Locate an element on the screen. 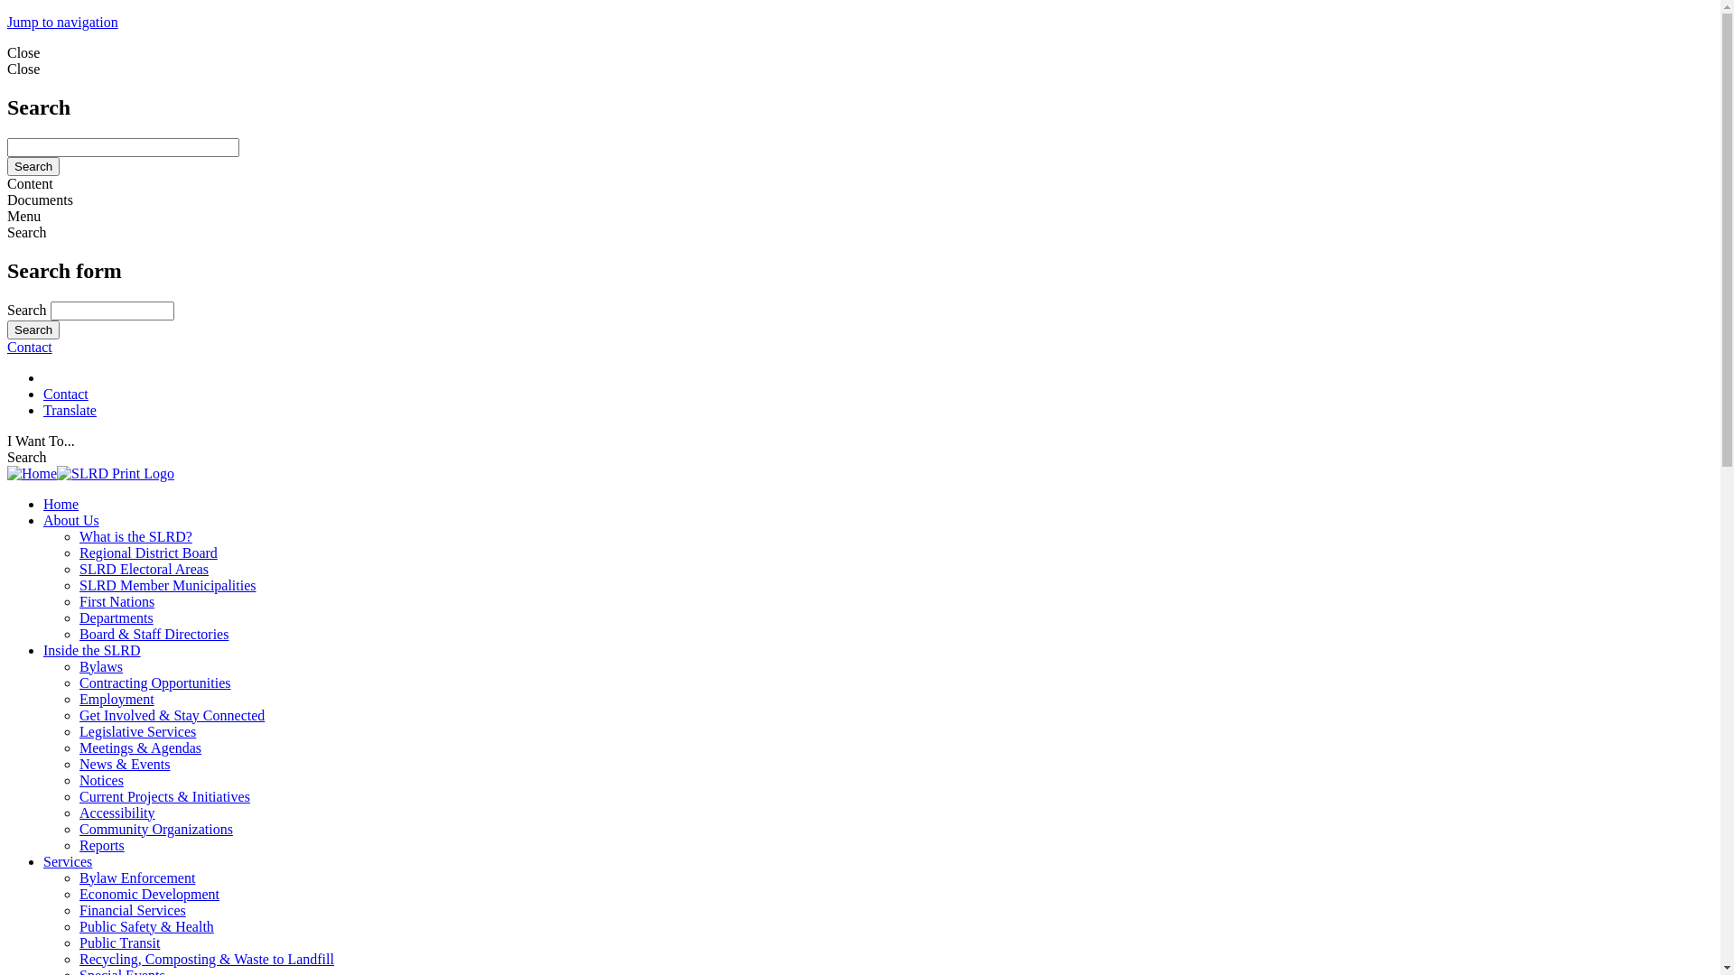  'Departments' is located at coordinates (116, 617).